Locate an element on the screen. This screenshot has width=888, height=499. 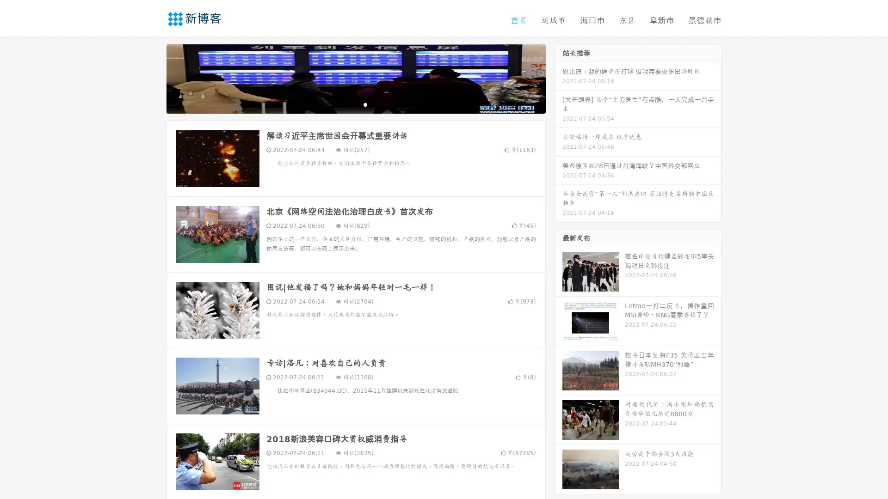
Next slide is located at coordinates (559, 78).